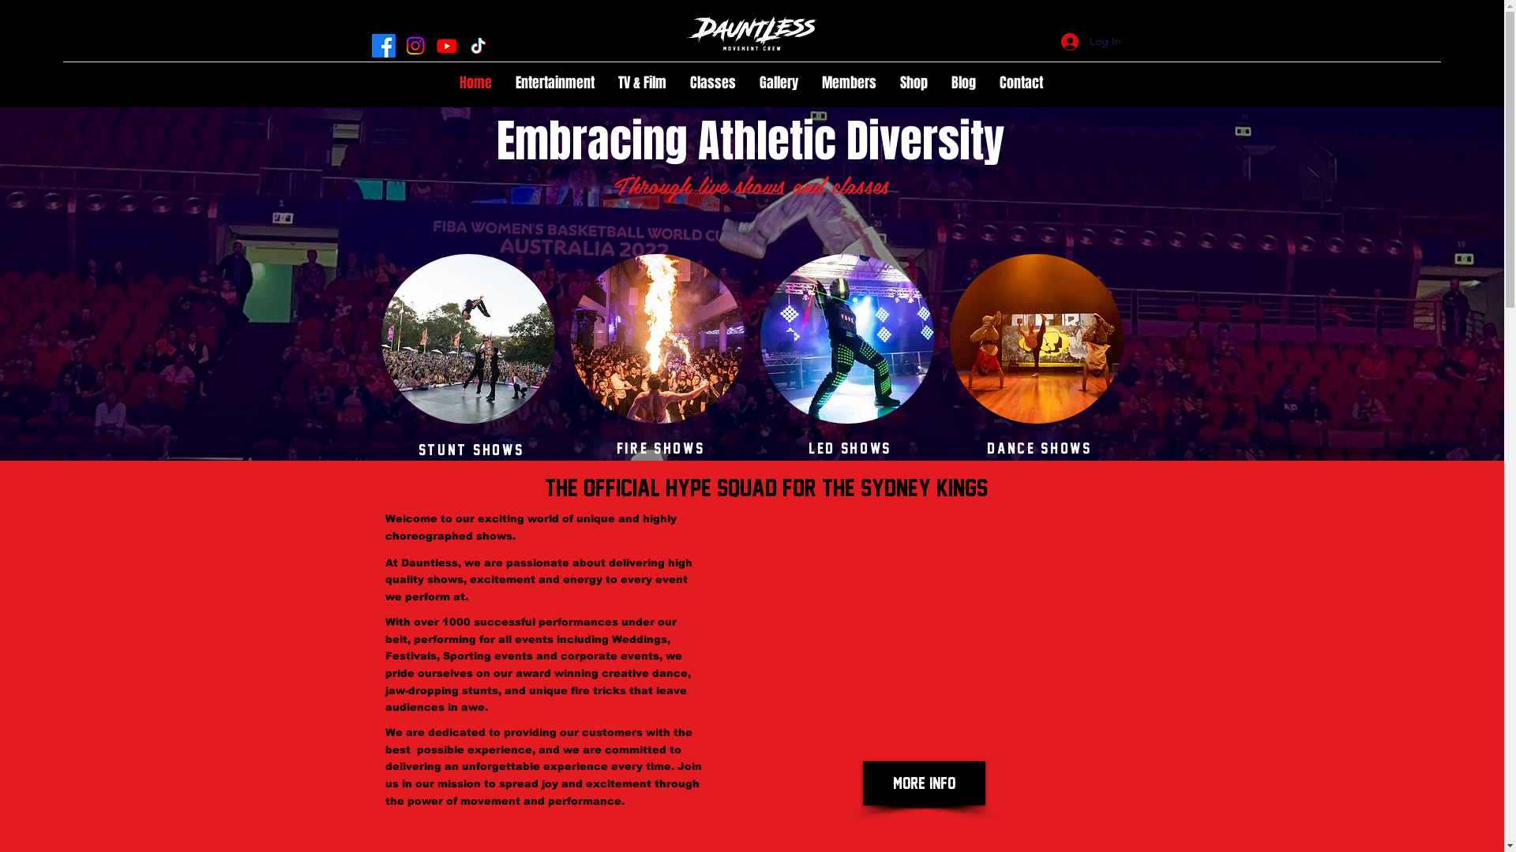  What do you see at coordinates (914, 83) in the screenshot?
I see `'Shop'` at bounding box center [914, 83].